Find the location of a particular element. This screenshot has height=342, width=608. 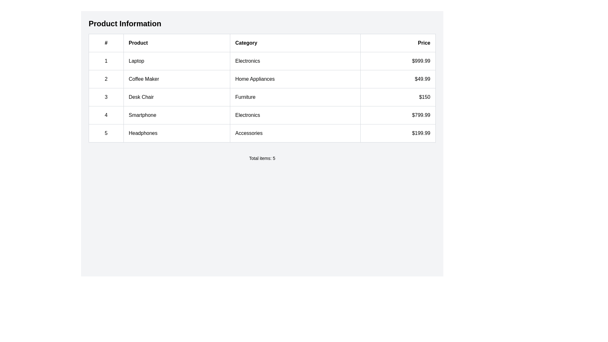

the numeric label displaying '1' that is located in the first column of the first row in the table, immediately left of the text 'Laptop' is located at coordinates (106, 61).